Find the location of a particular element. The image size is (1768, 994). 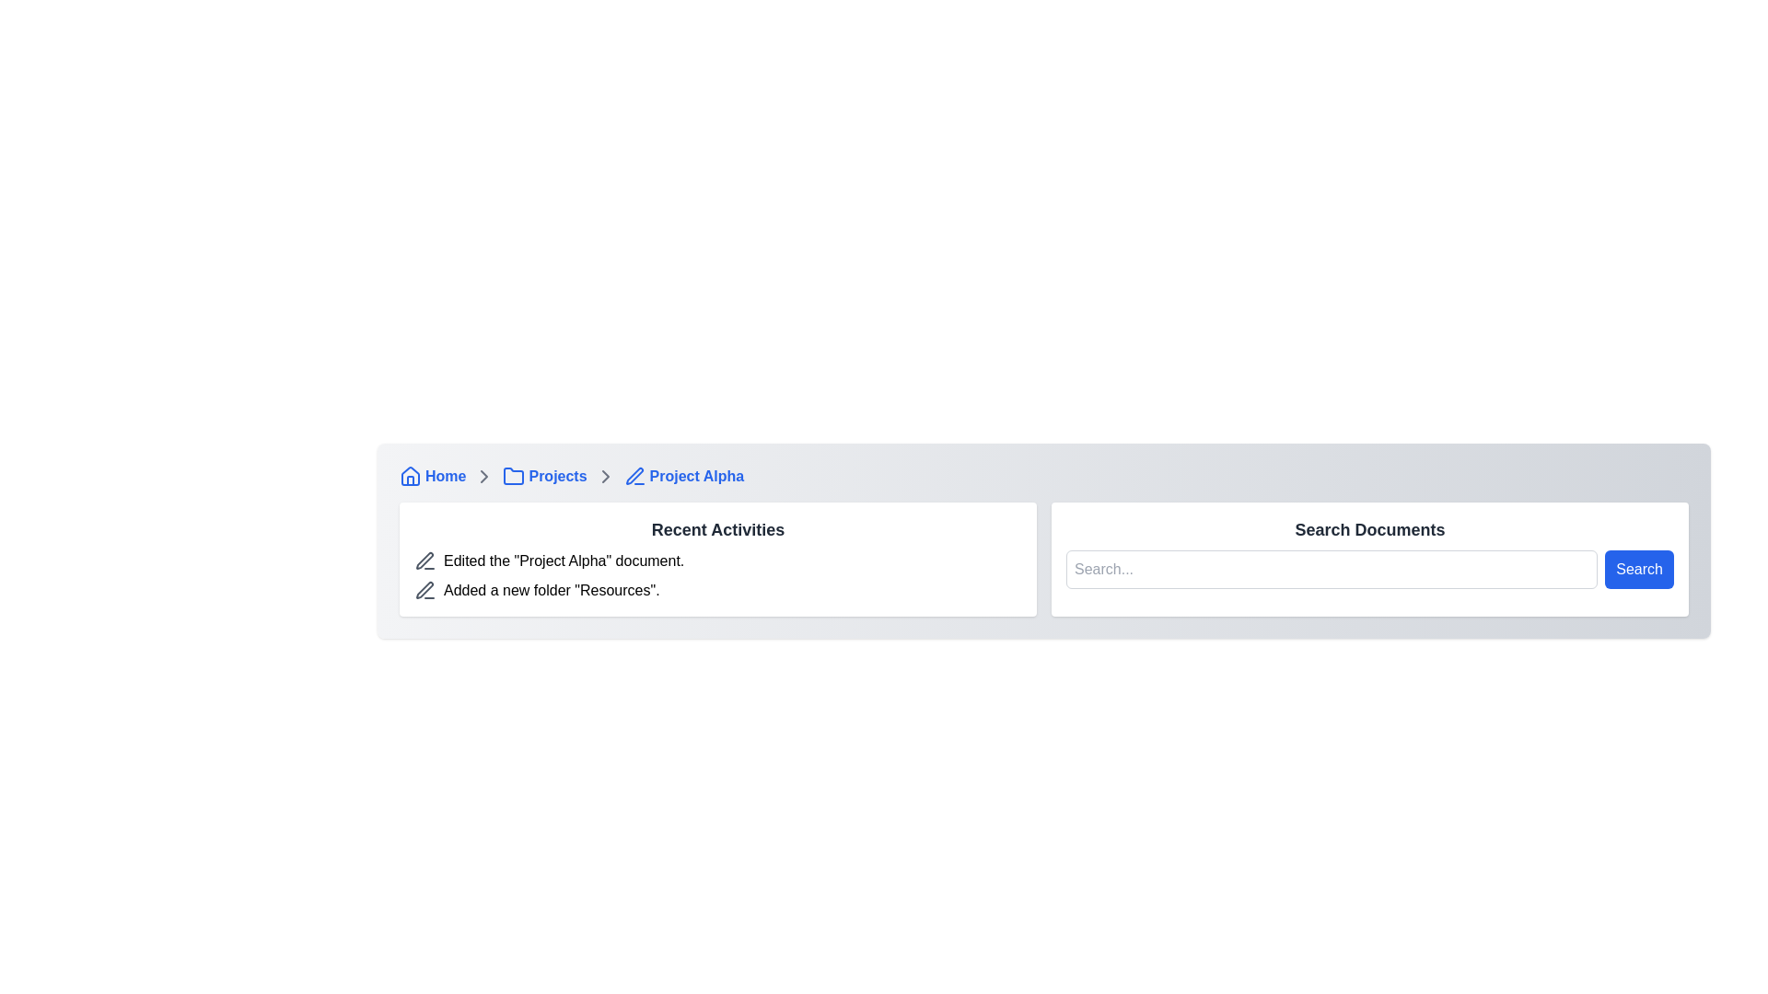

the 'Project Alpha' text label, which is styled in blue font and is part of the breadcrumb navigation bar, located to the right of a pencil icon is located at coordinates (695, 475).